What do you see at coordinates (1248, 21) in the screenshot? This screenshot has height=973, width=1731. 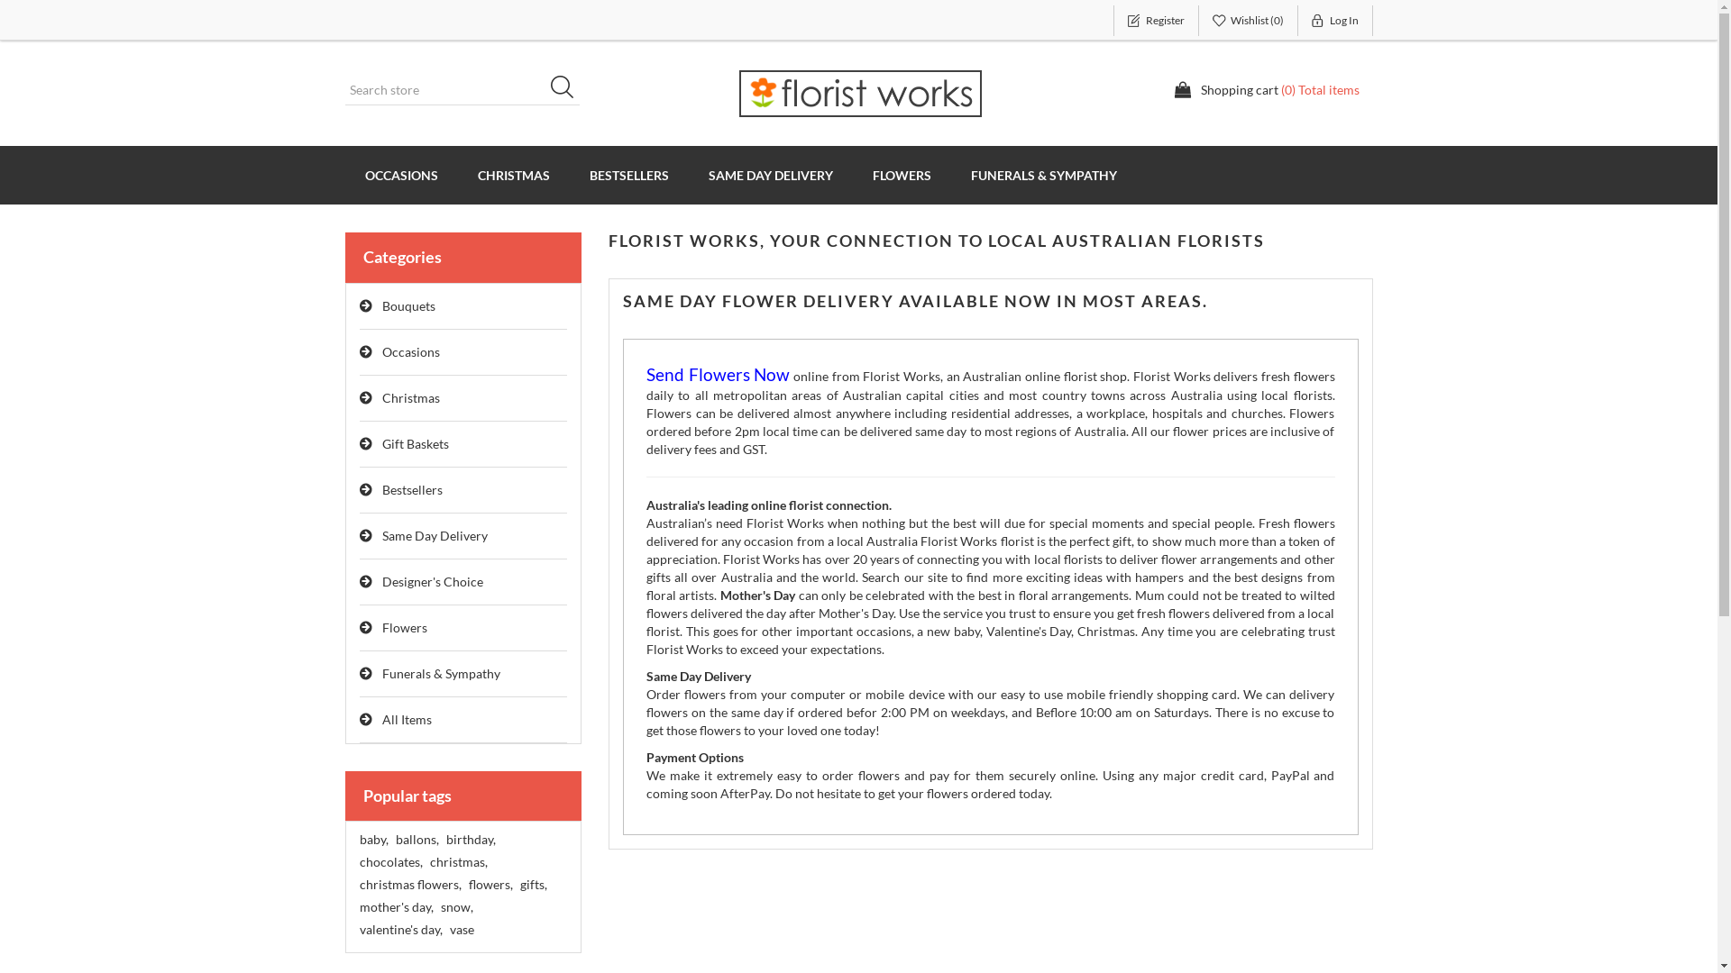 I see `'Wishlist (0)'` at bounding box center [1248, 21].